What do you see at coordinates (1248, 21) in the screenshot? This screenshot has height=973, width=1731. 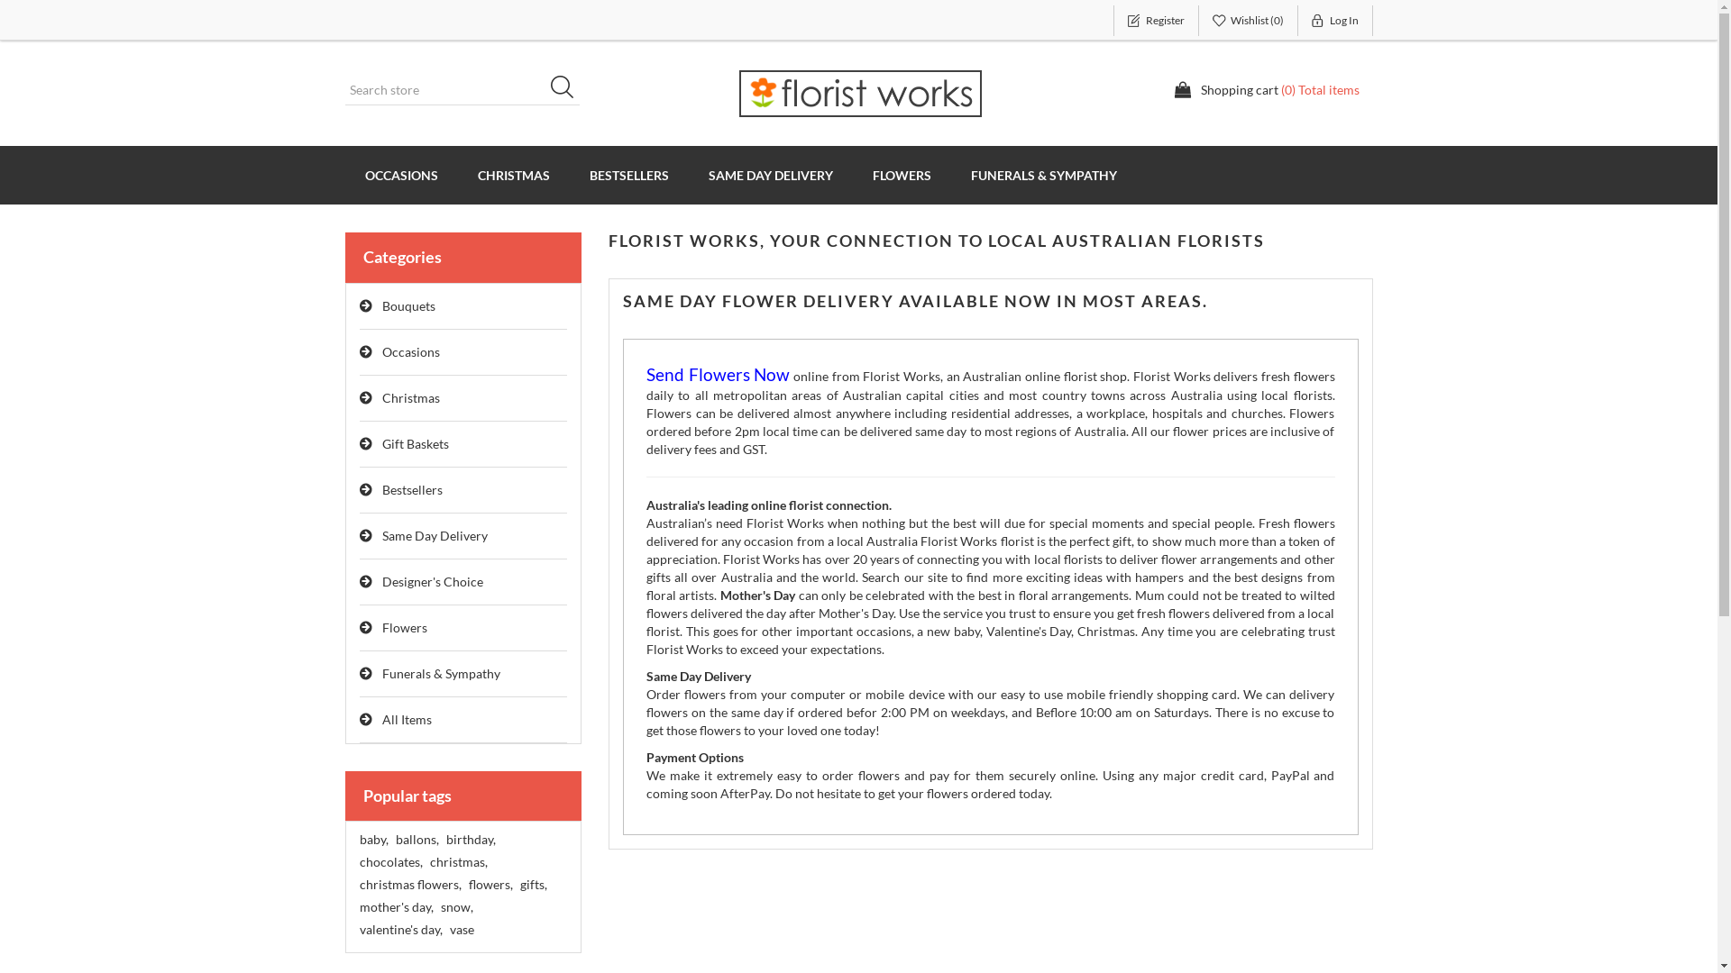 I see `'Wishlist (0)'` at bounding box center [1248, 21].